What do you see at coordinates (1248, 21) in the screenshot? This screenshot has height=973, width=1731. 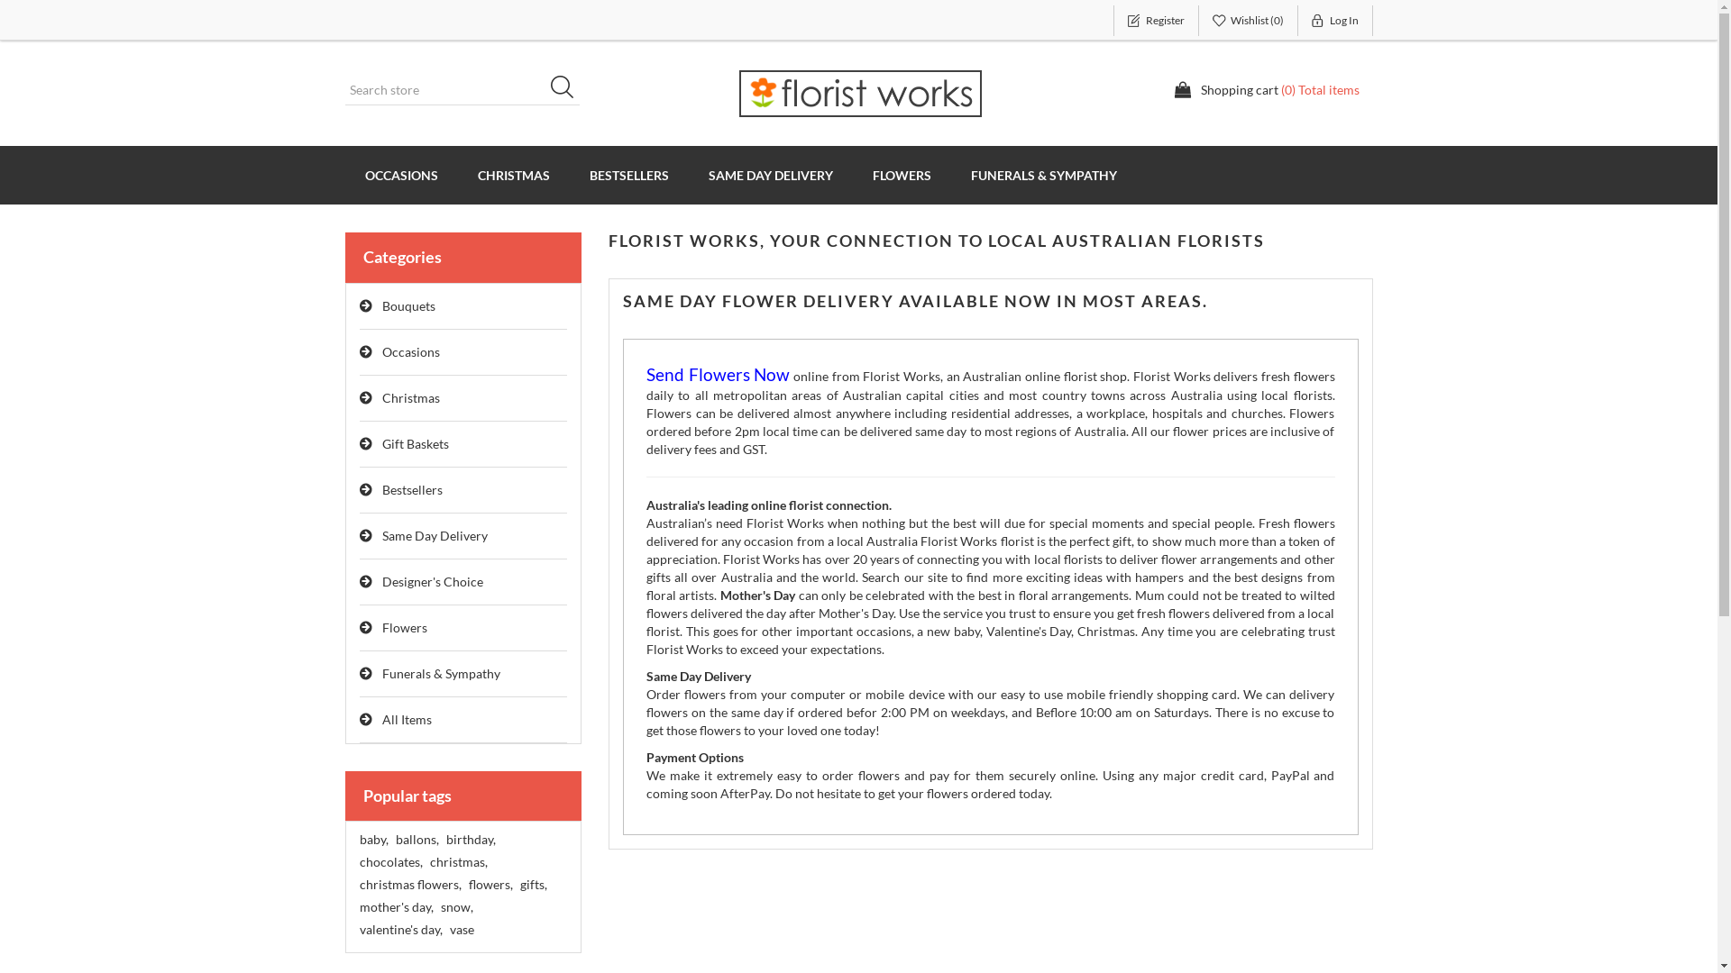 I see `'Wishlist (0)'` at bounding box center [1248, 21].